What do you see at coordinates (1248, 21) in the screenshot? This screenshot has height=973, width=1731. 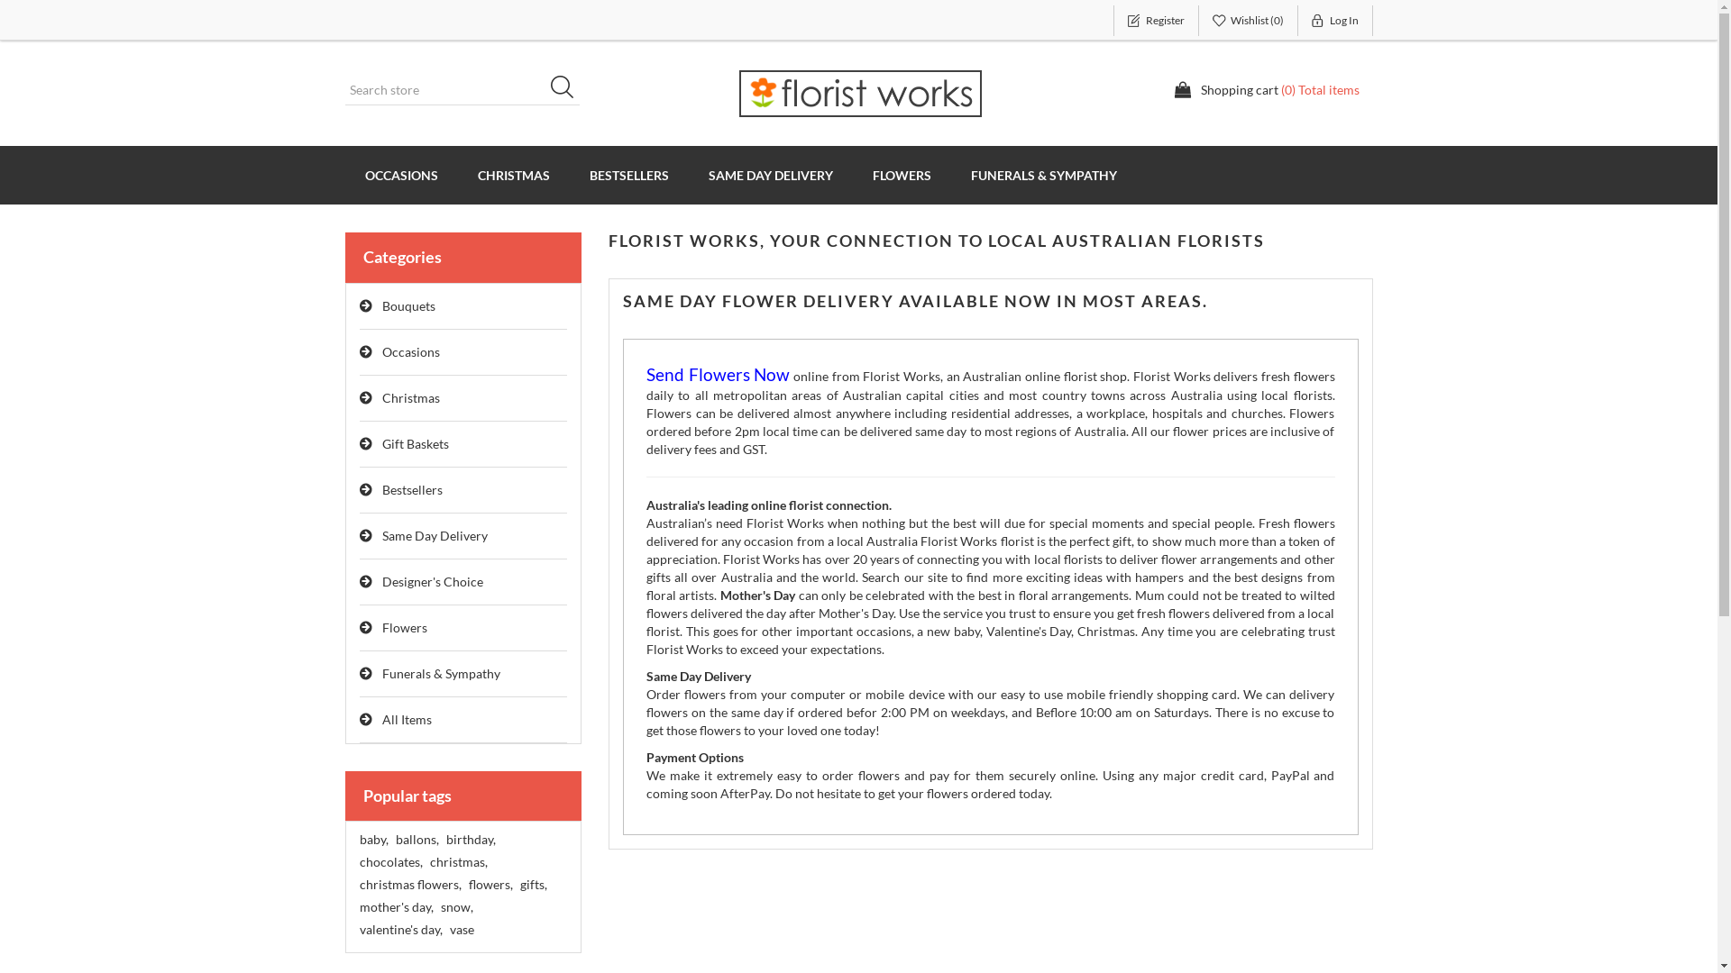 I see `'Wishlist (0)'` at bounding box center [1248, 21].